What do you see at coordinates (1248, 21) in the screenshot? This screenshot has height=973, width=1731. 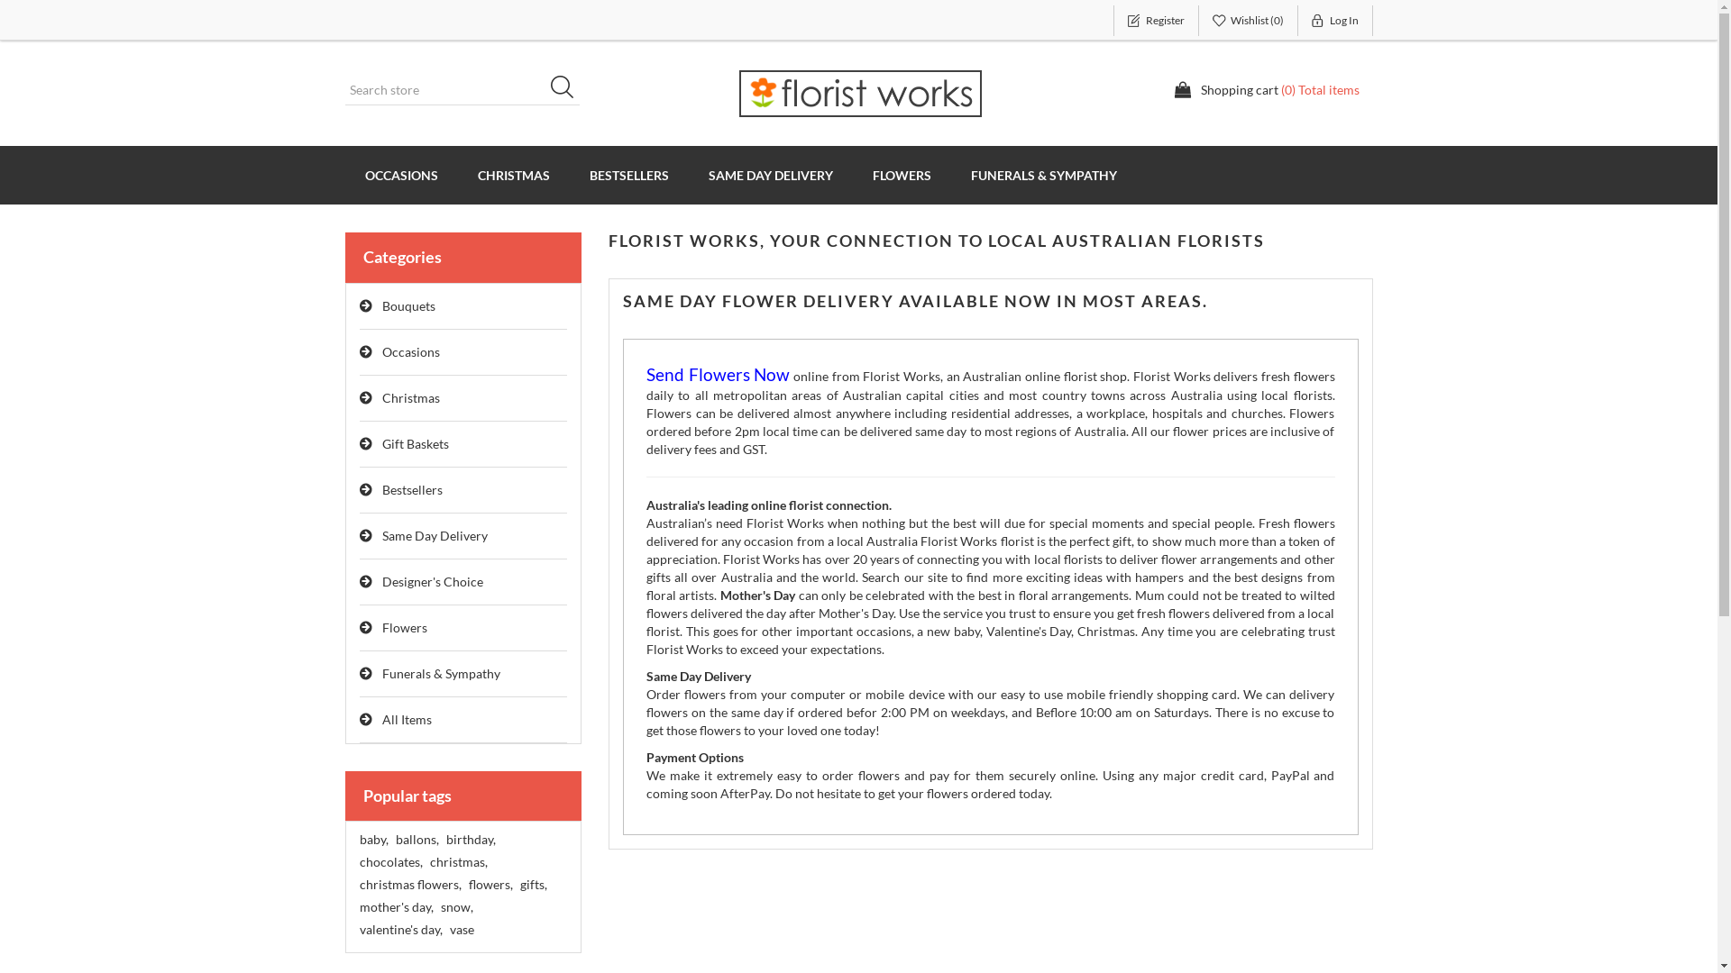 I see `'Wishlist (0)'` at bounding box center [1248, 21].